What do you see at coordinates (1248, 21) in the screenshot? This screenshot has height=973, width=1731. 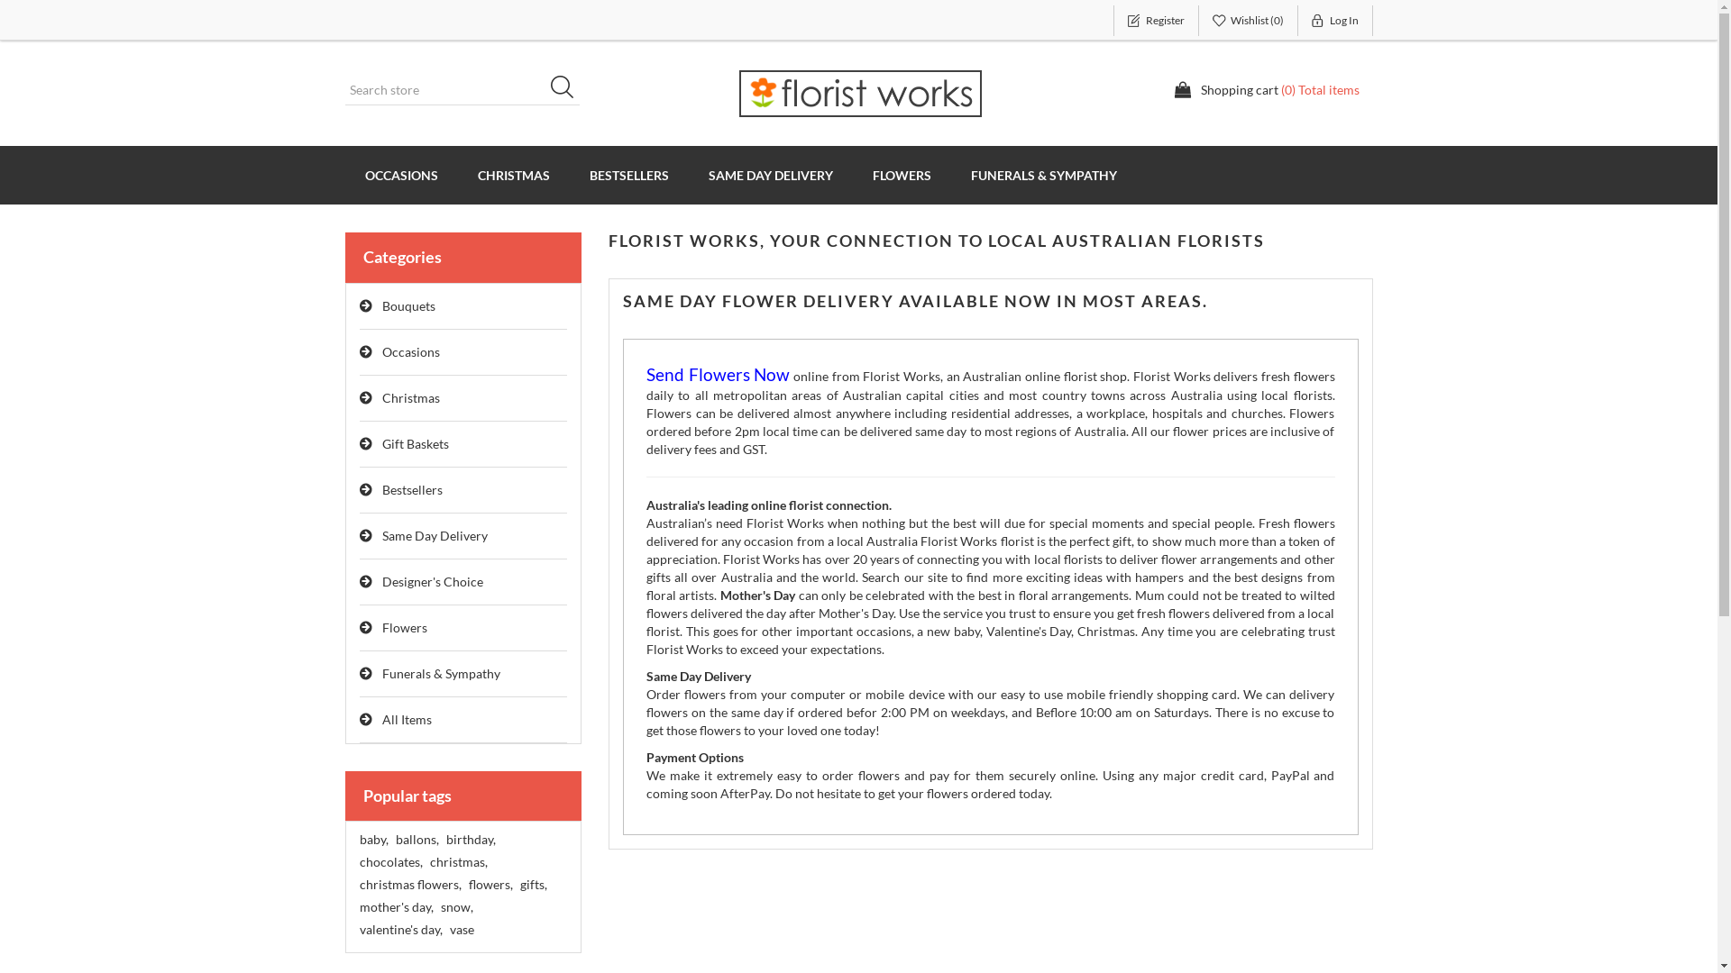 I see `'Wishlist (0)'` at bounding box center [1248, 21].